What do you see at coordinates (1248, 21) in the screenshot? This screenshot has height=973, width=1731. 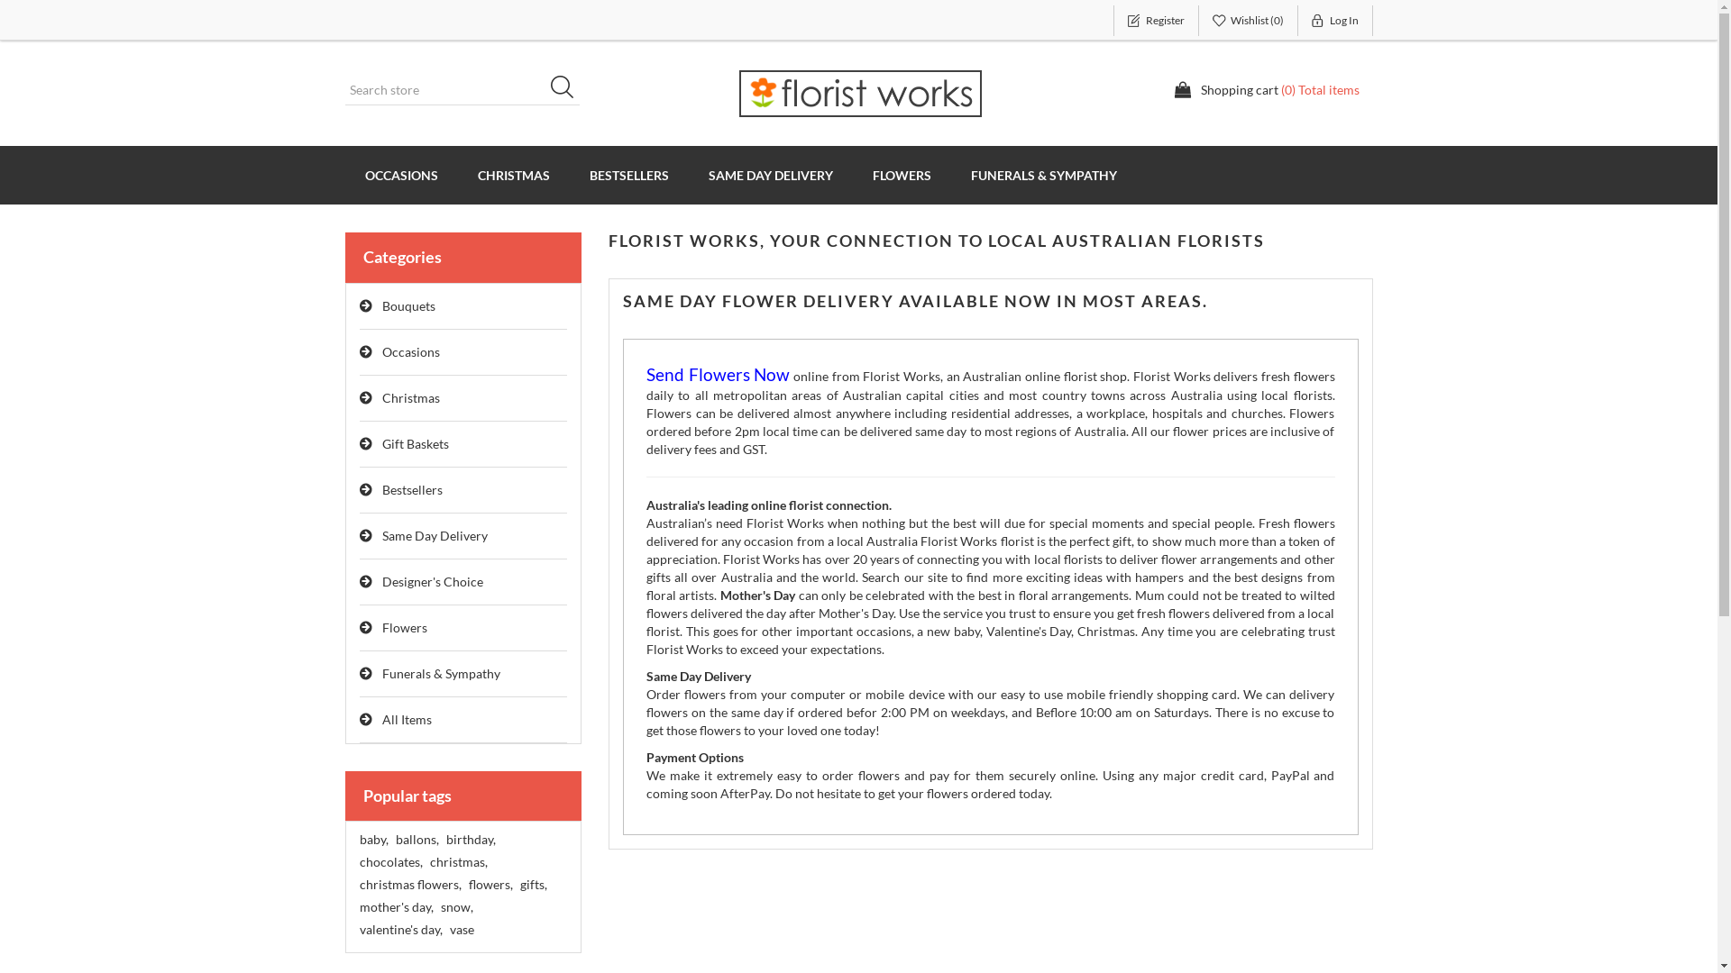 I see `'Wishlist (0)'` at bounding box center [1248, 21].